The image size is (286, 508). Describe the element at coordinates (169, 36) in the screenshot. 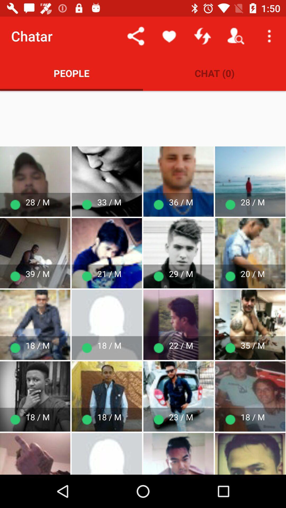

I see `icon above the chat (0) app` at that location.